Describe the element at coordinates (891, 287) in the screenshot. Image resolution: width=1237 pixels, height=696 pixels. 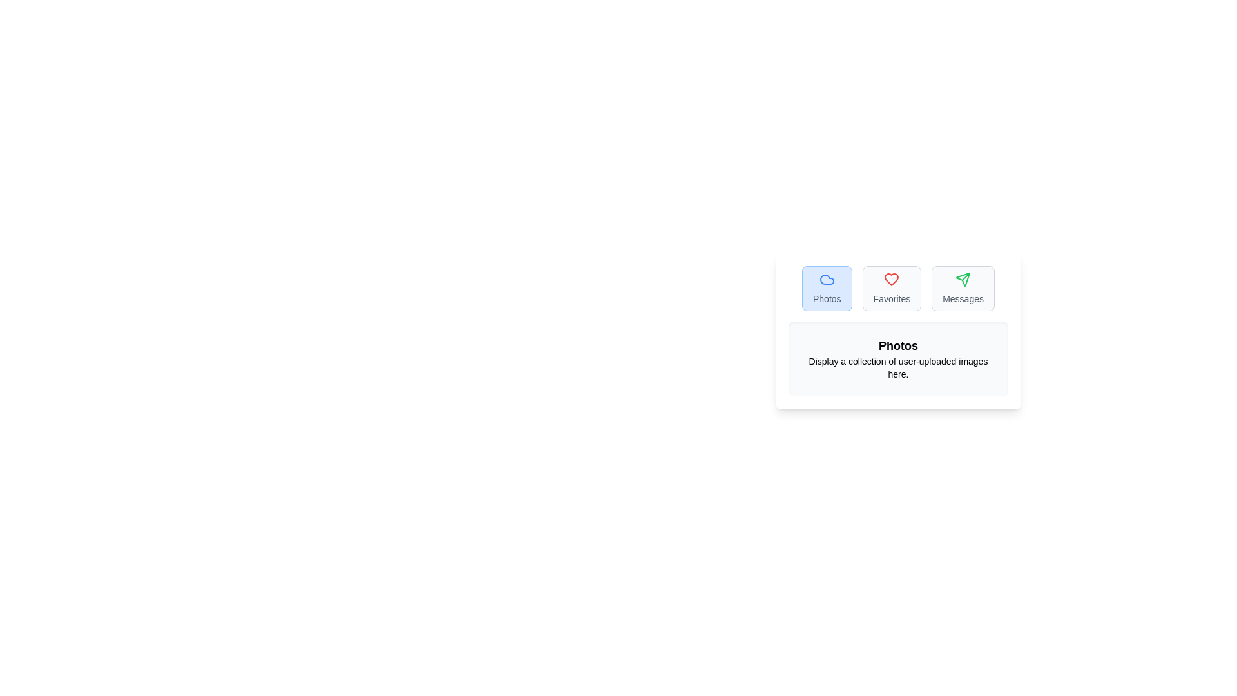
I see `the 'Favorites' interactive button which features a red heart icon and a gray label, located centrally among similar buttons` at that location.